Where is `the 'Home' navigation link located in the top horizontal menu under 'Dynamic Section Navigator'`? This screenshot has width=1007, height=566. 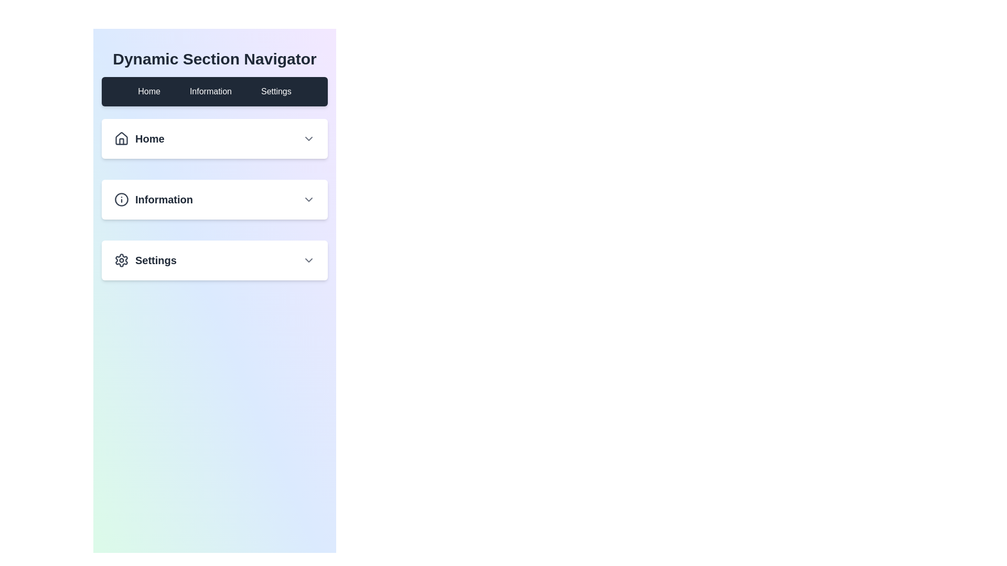 the 'Home' navigation link located in the top horizontal menu under 'Dynamic Section Navigator' is located at coordinates (148, 91).